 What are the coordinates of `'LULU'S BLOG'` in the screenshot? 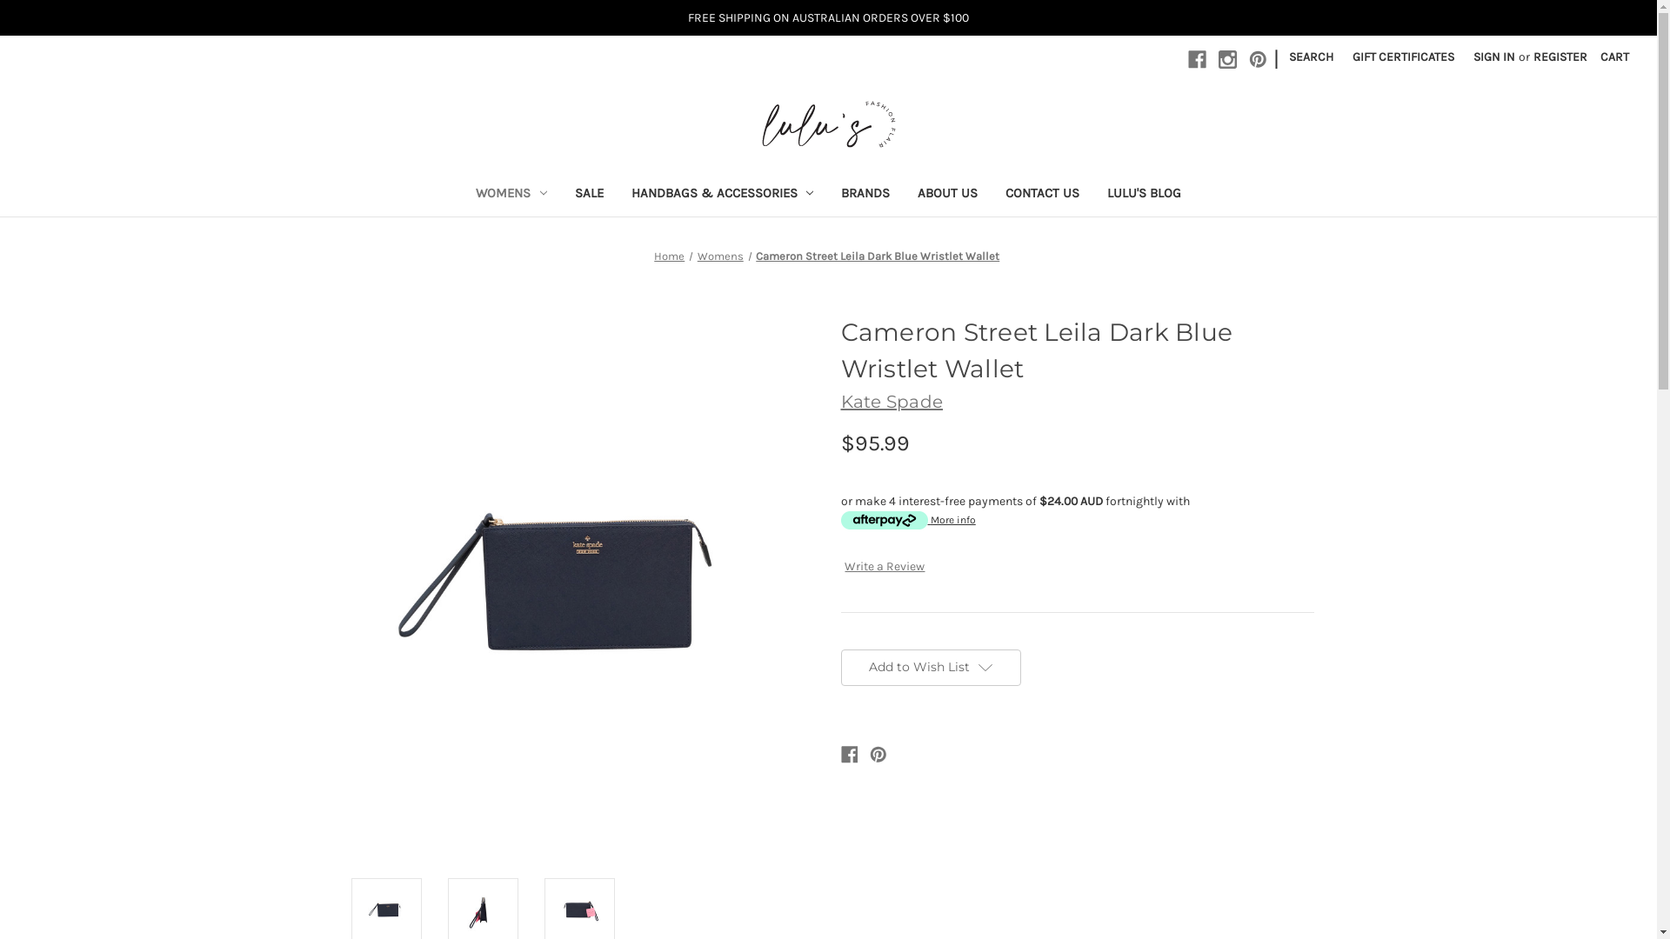 It's located at (1144, 195).